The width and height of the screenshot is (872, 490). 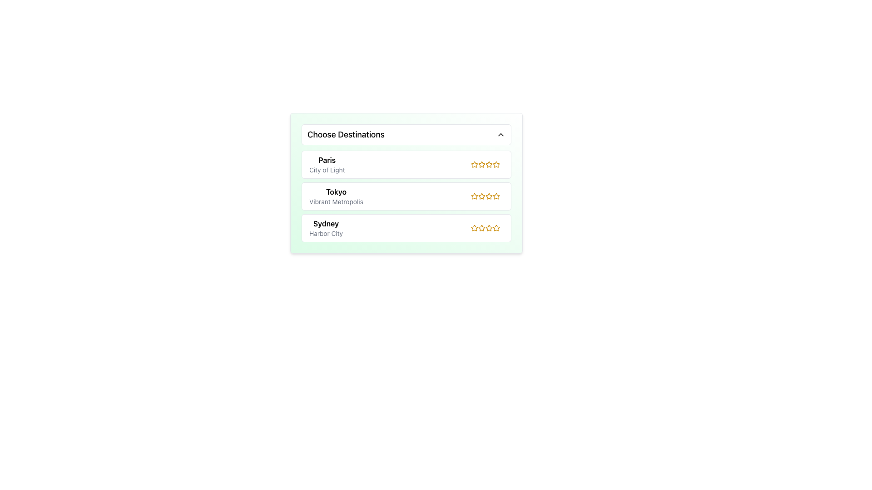 What do you see at coordinates (474, 164) in the screenshot?
I see `the leftmost star icon in the rating component associated with the 'Paris' destination for further interaction` at bounding box center [474, 164].